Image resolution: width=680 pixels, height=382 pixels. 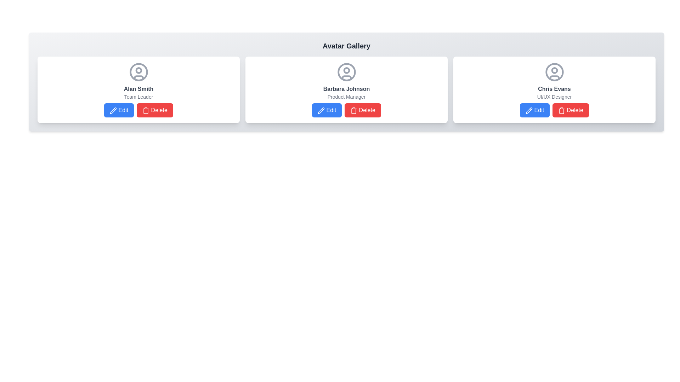 What do you see at coordinates (346, 97) in the screenshot?
I see `text content of the label that describes the user's role as 'Product Manager', located below the name 'Barbara Johnson' in the central user profile card` at bounding box center [346, 97].